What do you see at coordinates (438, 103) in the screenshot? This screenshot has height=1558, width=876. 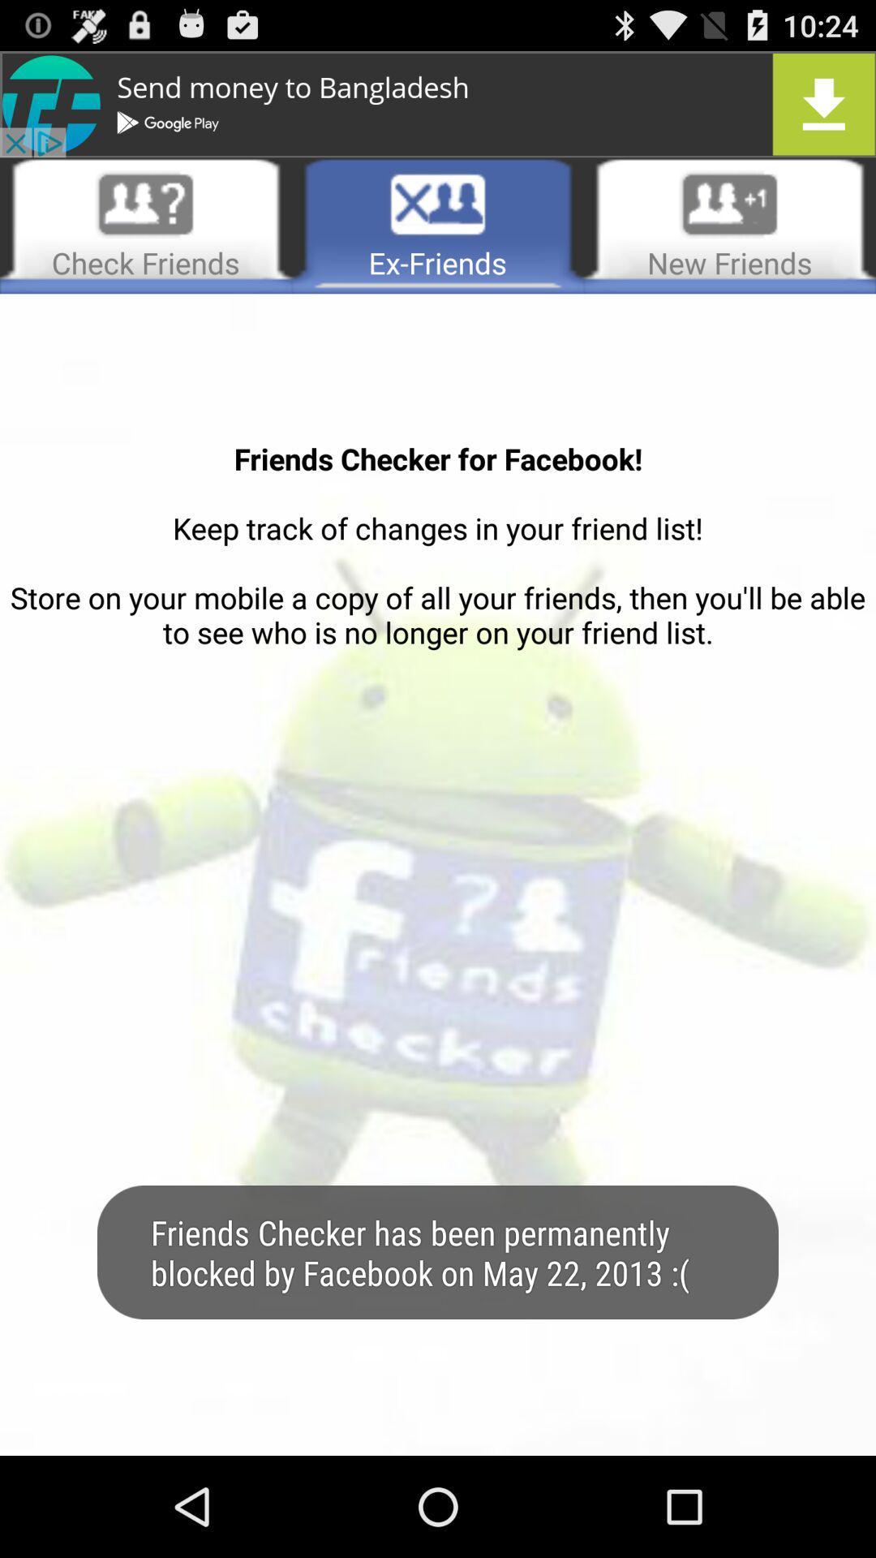 I see `download` at bounding box center [438, 103].